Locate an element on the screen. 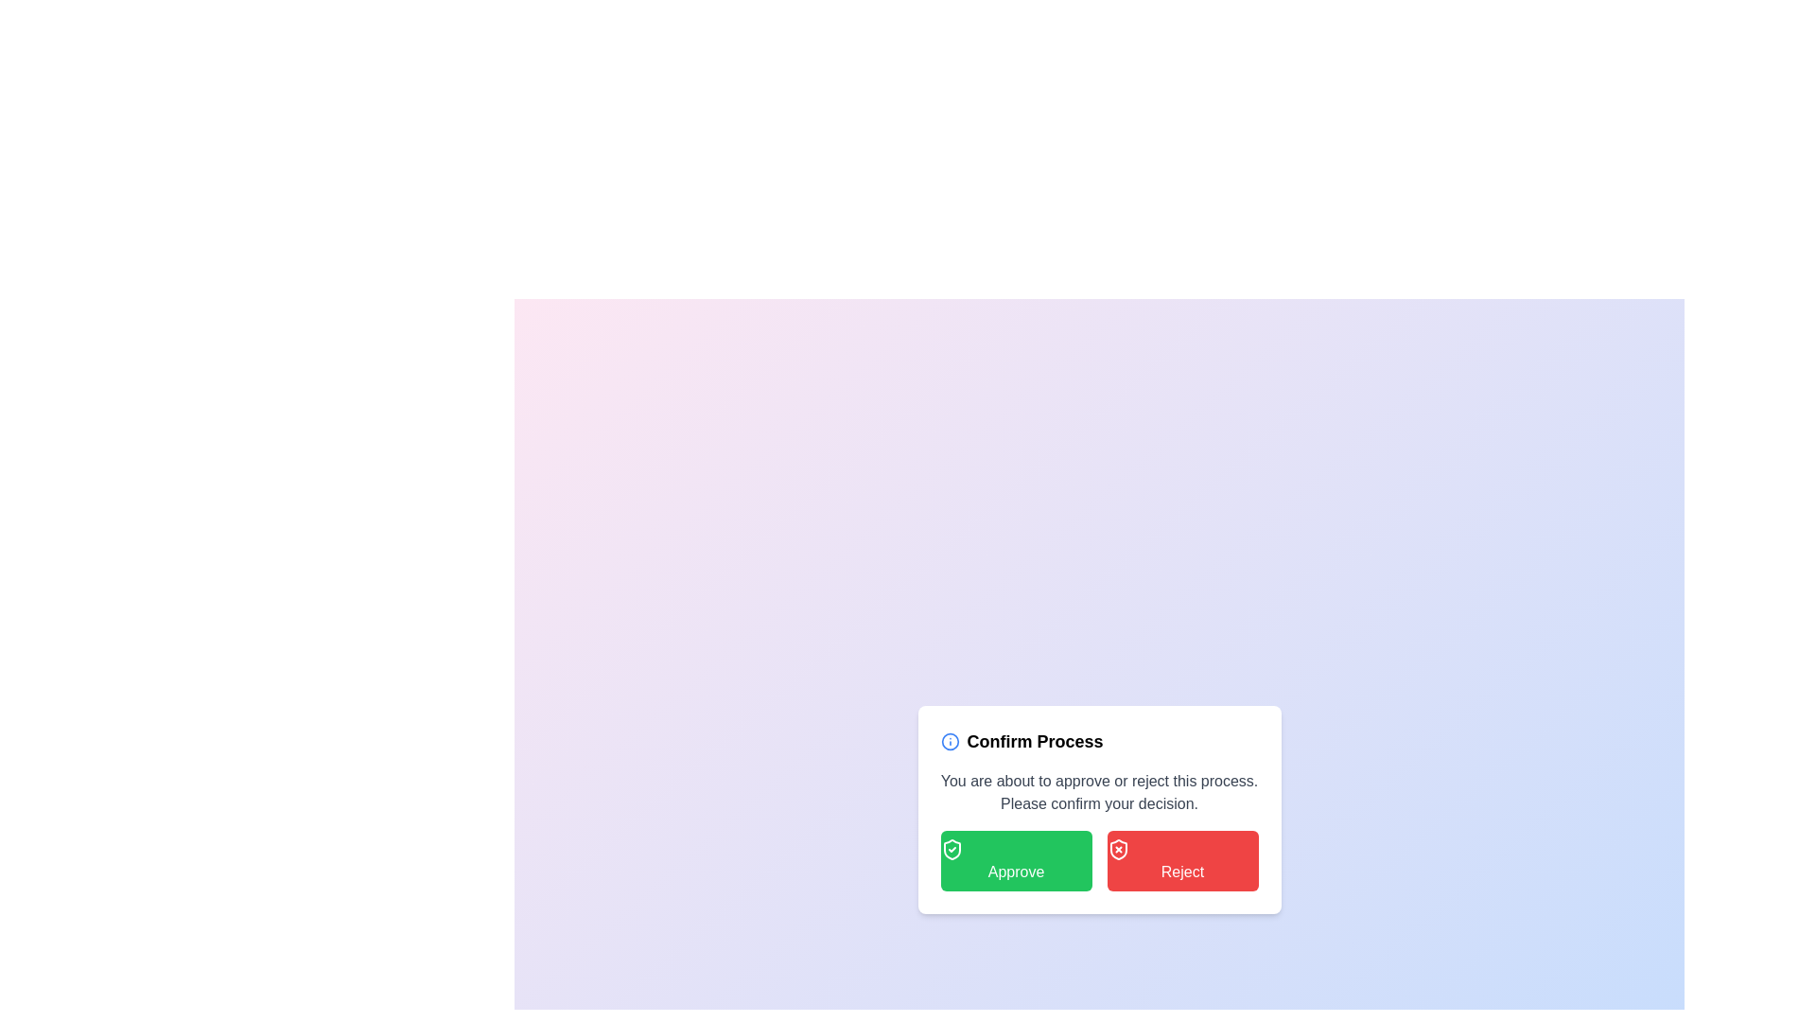  the approval icon located to the left of the 'Approve' label, which is part of the green-themed 'Approve' button is located at coordinates (952, 849).